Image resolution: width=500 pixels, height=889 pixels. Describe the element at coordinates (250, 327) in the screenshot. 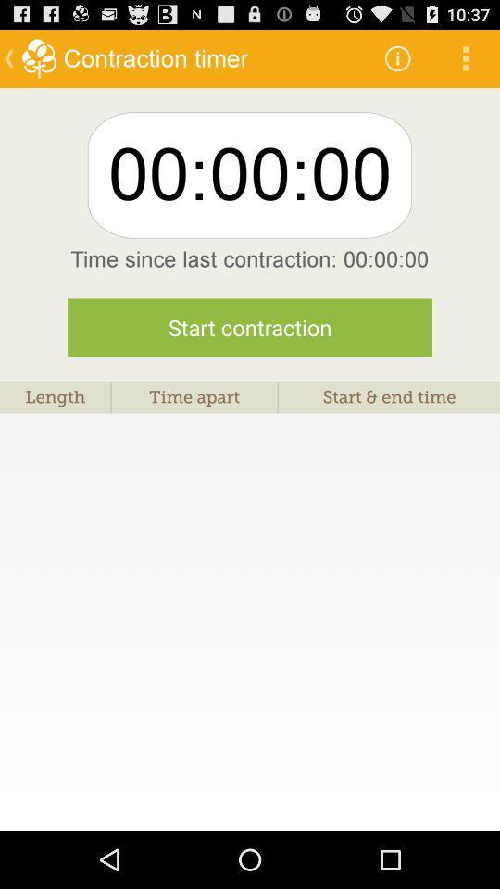

I see `the item above length item` at that location.